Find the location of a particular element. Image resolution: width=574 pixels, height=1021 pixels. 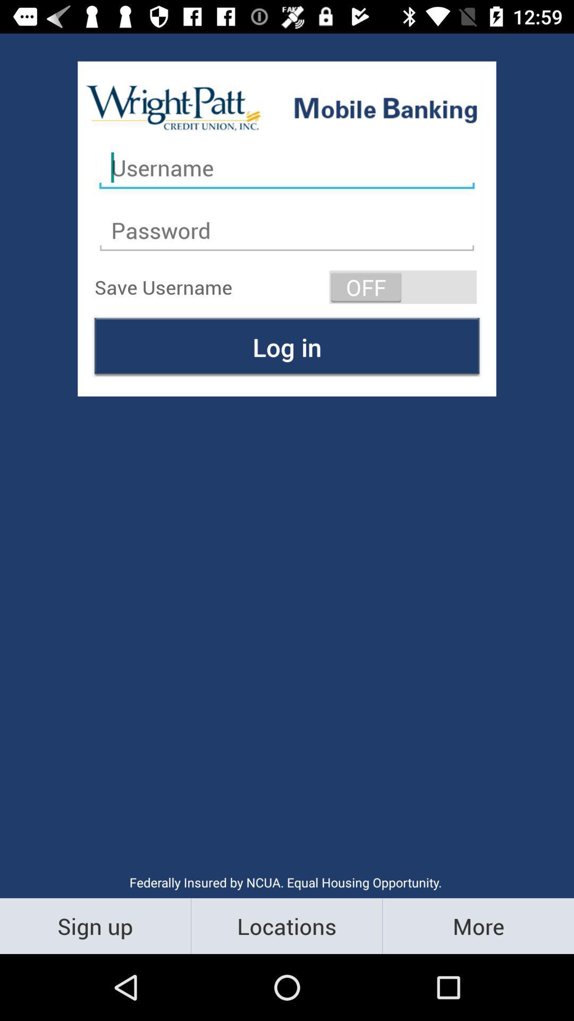

item next to sign up item is located at coordinates (286, 925).